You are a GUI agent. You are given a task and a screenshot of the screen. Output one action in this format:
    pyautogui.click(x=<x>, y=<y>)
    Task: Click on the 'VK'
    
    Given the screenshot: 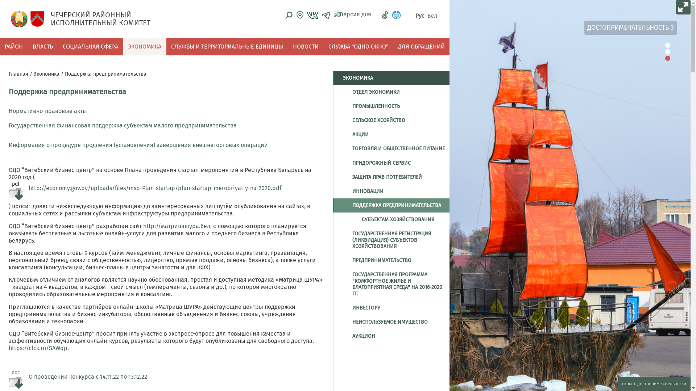 What is the action you would take?
    pyautogui.click(x=312, y=15)
    